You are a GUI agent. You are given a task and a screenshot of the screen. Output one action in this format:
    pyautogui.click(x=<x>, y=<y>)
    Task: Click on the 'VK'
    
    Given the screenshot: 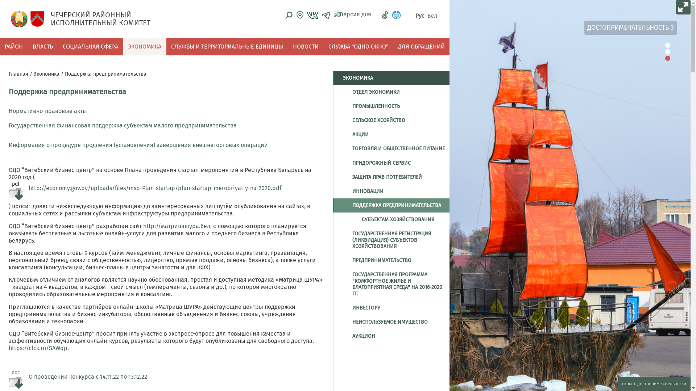 What is the action you would take?
    pyautogui.click(x=312, y=15)
    